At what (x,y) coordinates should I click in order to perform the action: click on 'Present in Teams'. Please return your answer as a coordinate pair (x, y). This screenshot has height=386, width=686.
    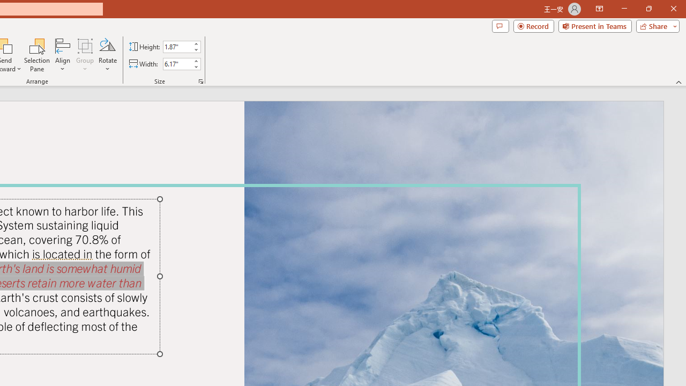
    Looking at the image, I should click on (594, 25).